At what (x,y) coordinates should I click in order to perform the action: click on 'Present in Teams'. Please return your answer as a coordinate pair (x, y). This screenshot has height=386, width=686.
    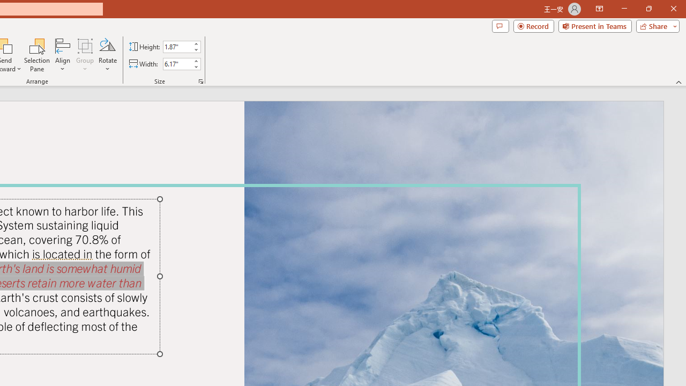
    Looking at the image, I should click on (594, 25).